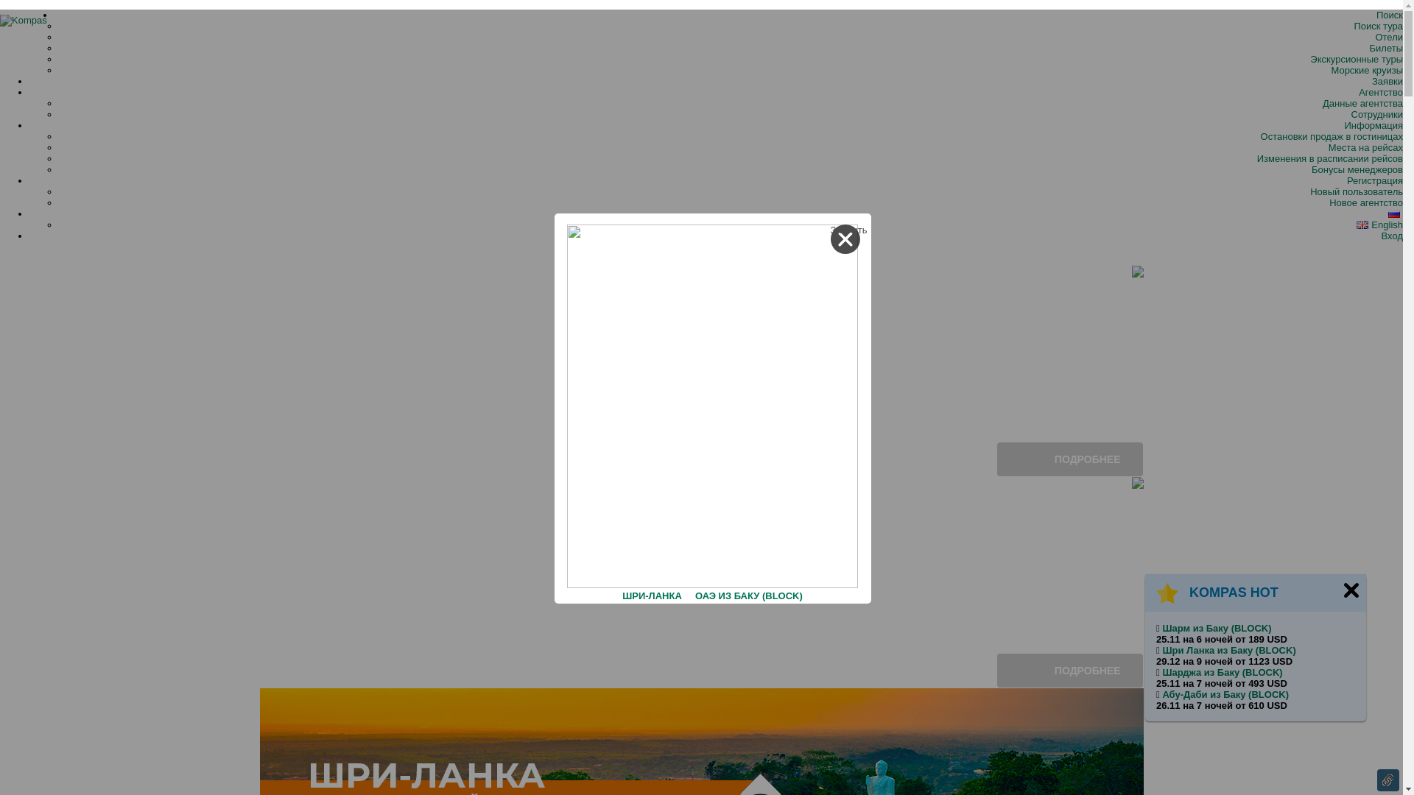  What do you see at coordinates (1379, 225) in the screenshot?
I see `'English'` at bounding box center [1379, 225].